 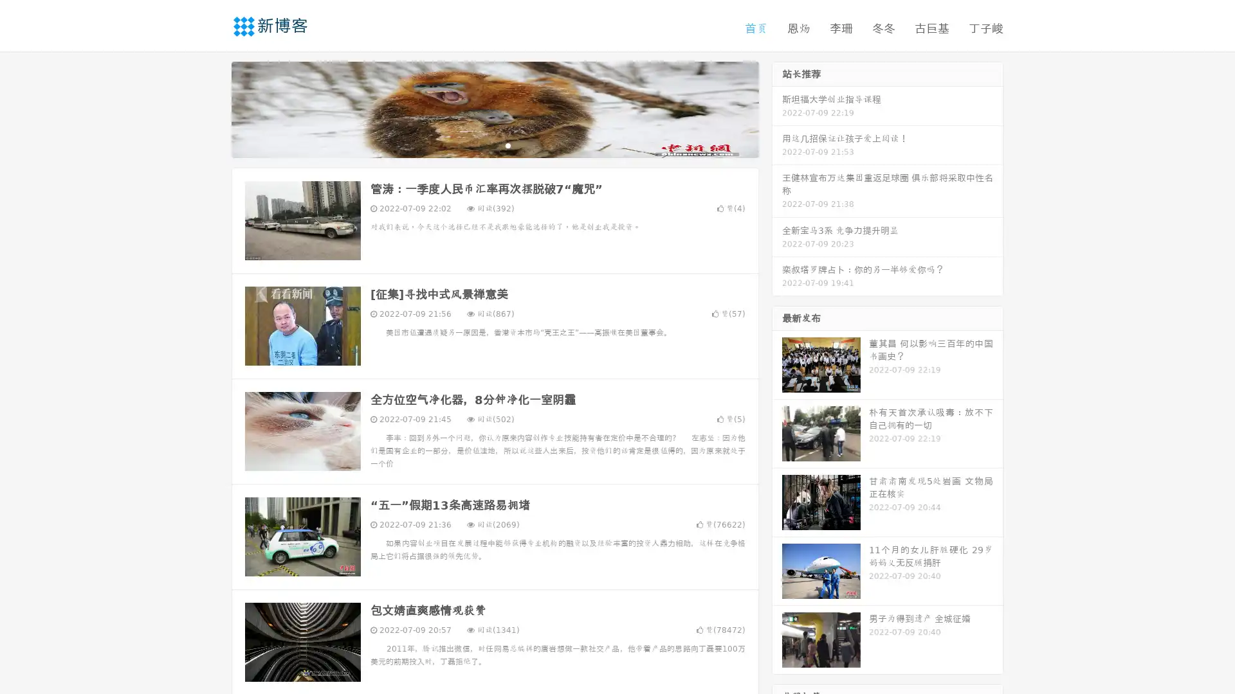 I want to click on Go to slide 2, so click(x=494, y=145).